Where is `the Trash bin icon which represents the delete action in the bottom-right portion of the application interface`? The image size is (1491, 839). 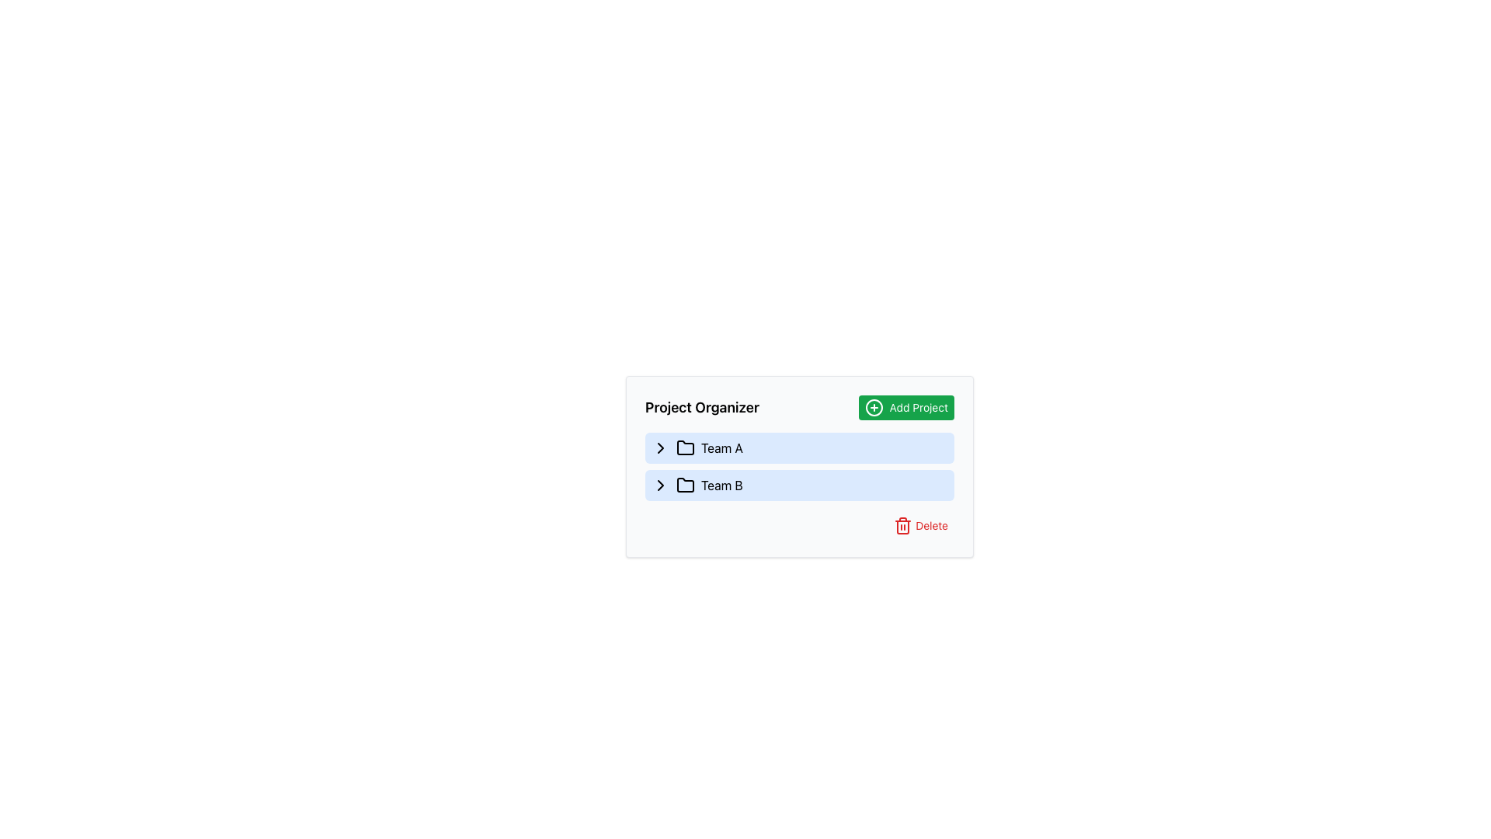 the Trash bin icon which represents the delete action in the bottom-right portion of the application interface is located at coordinates (903, 525).